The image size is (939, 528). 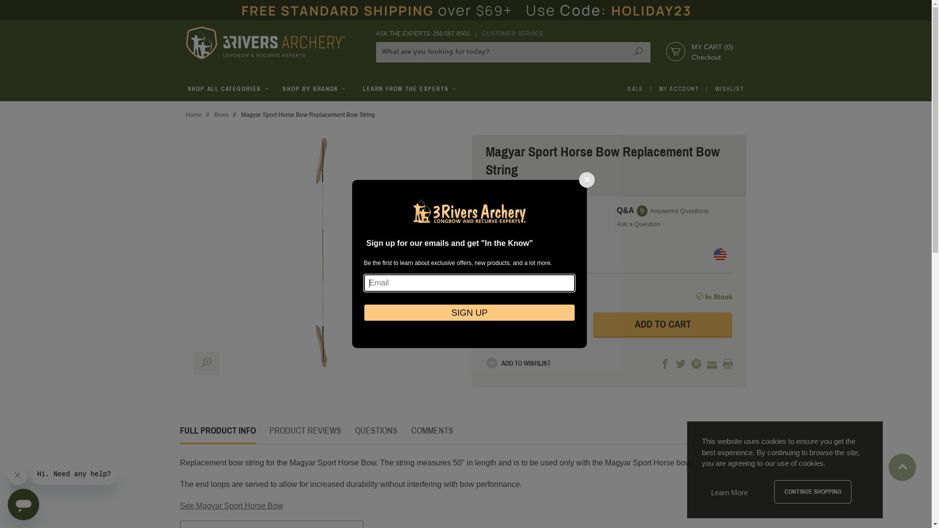 I want to click on 'Made in the US', so click(x=719, y=254).